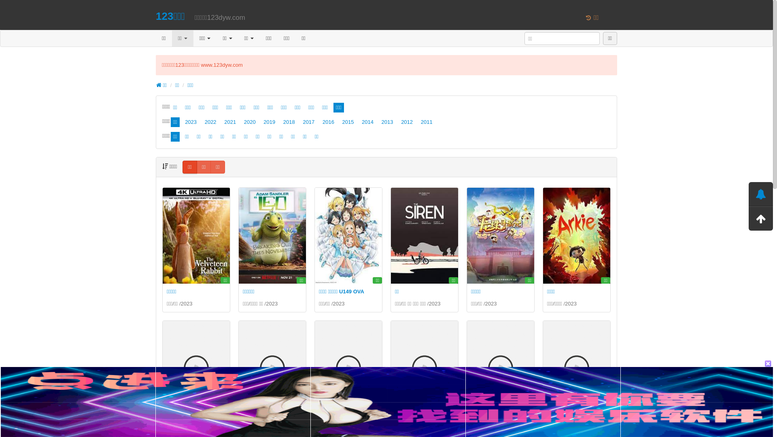  Describe the element at coordinates (421, 122) in the screenshot. I see `'2011'` at that location.